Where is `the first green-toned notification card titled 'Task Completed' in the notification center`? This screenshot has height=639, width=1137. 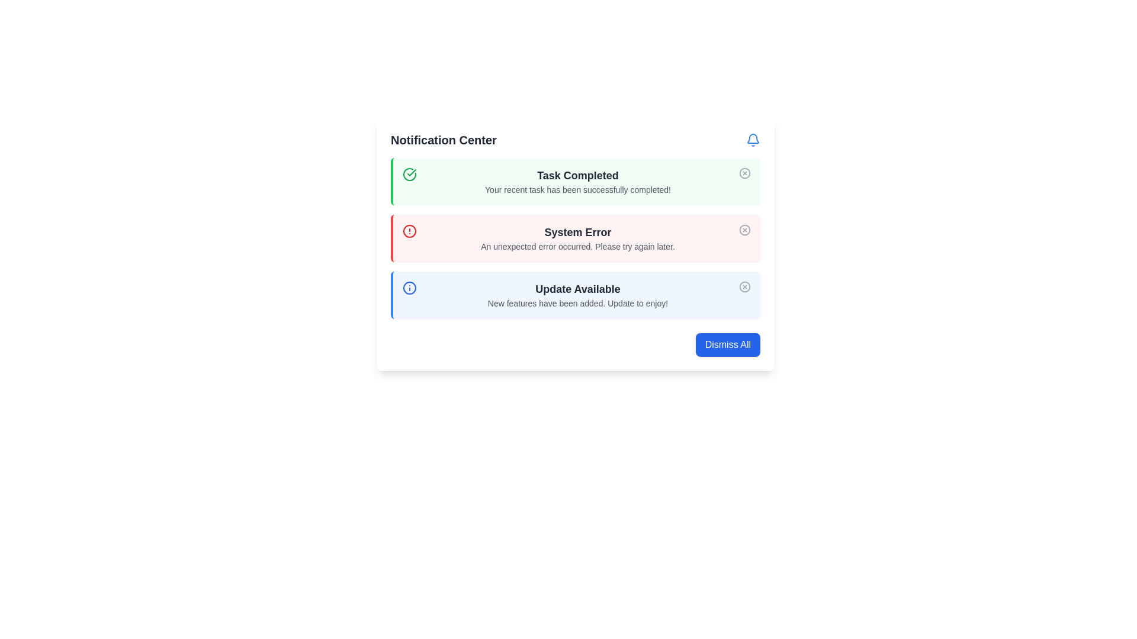
the first green-toned notification card titled 'Task Completed' in the notification center is located at coordinates (575, 182).